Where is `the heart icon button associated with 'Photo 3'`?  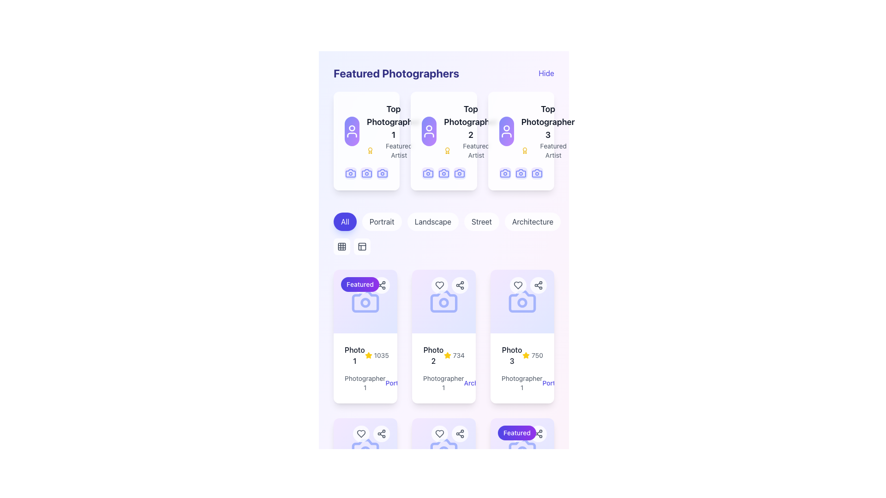 the heart icon button associated with 'Photo 3' is located at coordinates (518, 285).